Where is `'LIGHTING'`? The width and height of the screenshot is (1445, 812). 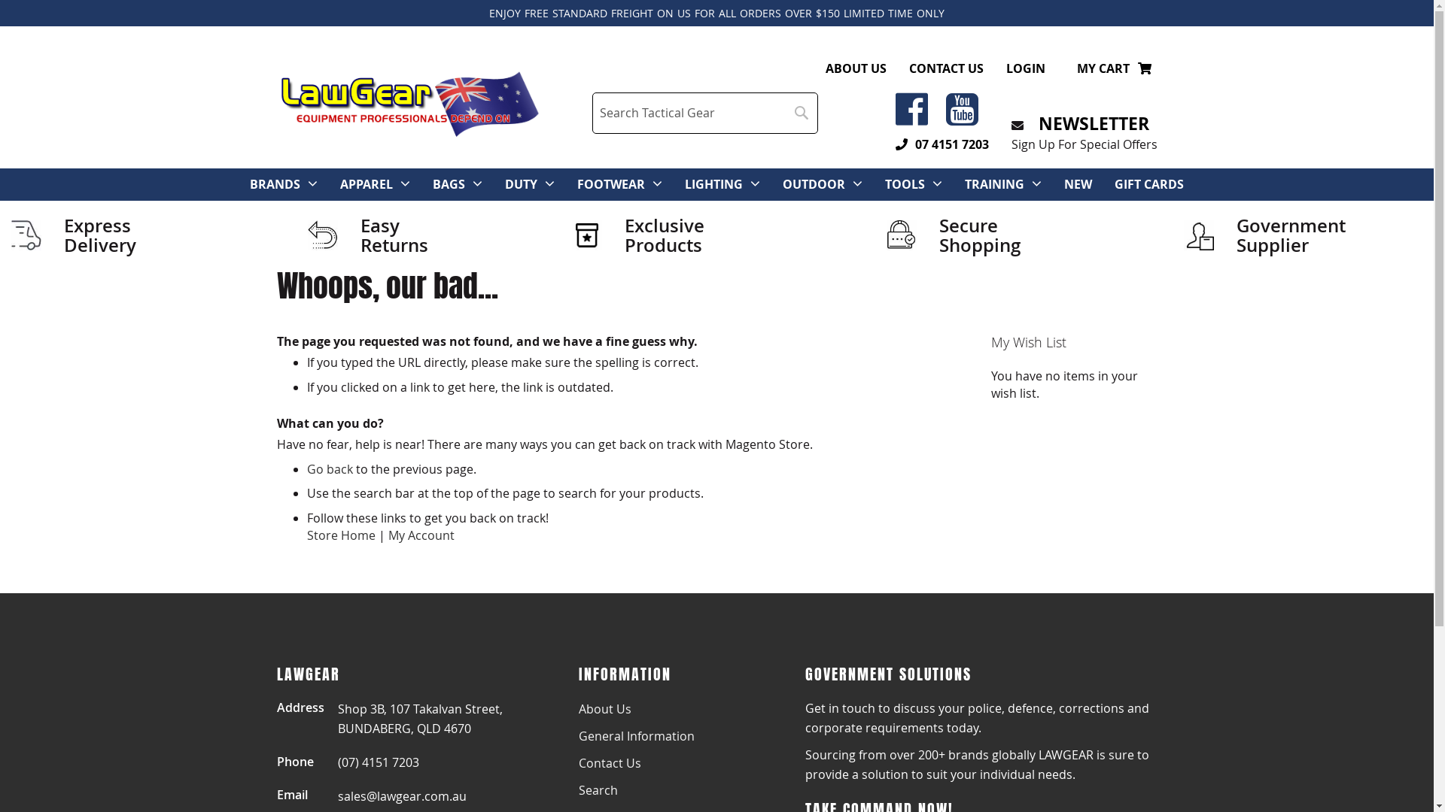 'LIGHTING' is located at coordinates (684, 183).